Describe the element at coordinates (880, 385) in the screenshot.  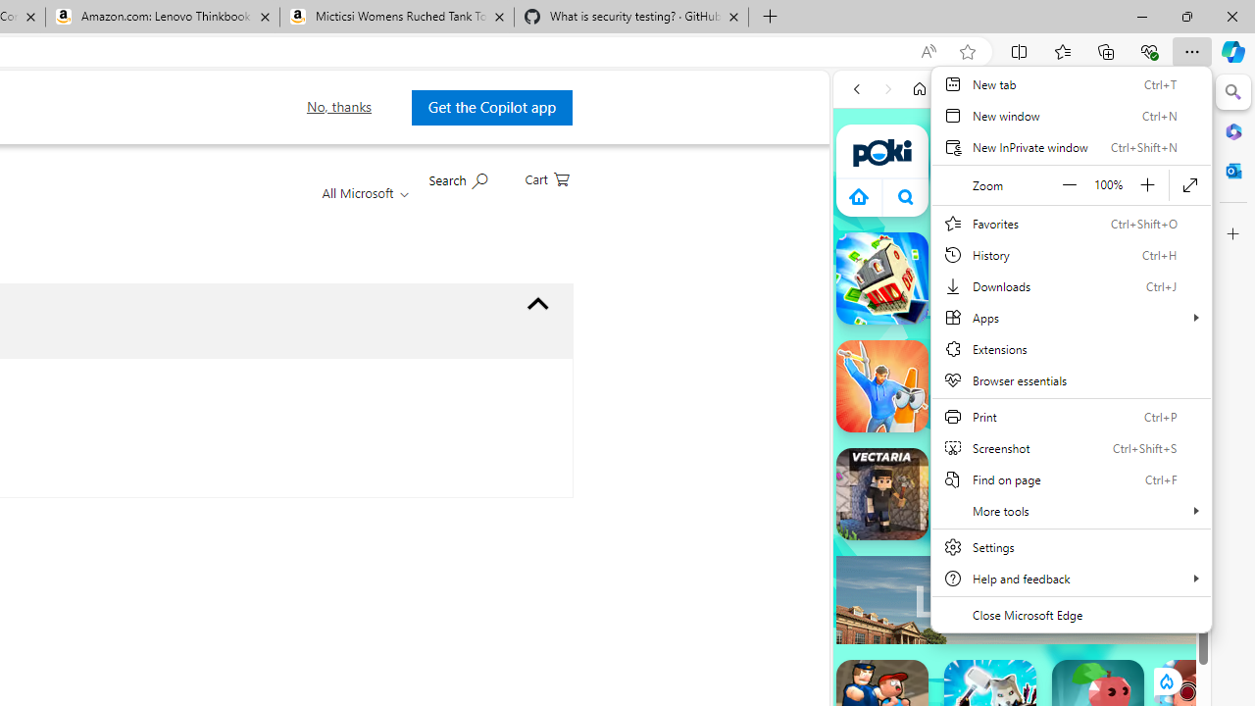
I see `'Simply Prop Hunt Simply Prop Hunt'` at that location.